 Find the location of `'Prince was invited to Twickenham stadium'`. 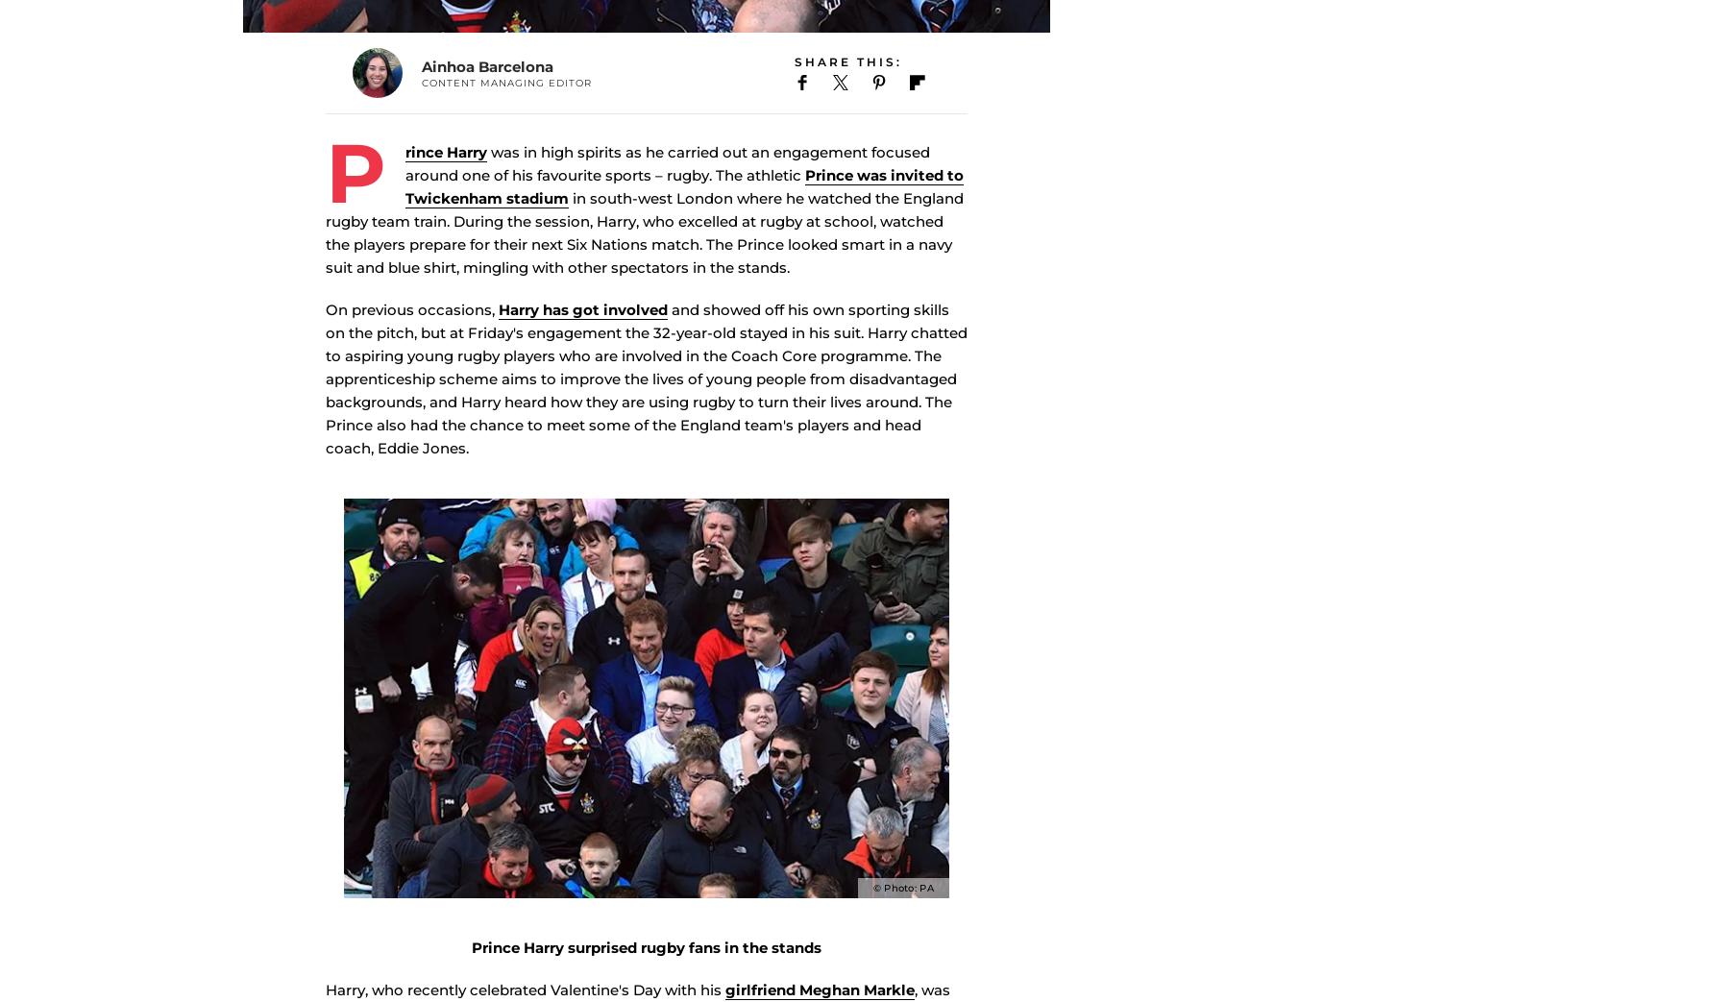

'Prince was invited to Twickenham stadium' is located at coordinates (684, 215).